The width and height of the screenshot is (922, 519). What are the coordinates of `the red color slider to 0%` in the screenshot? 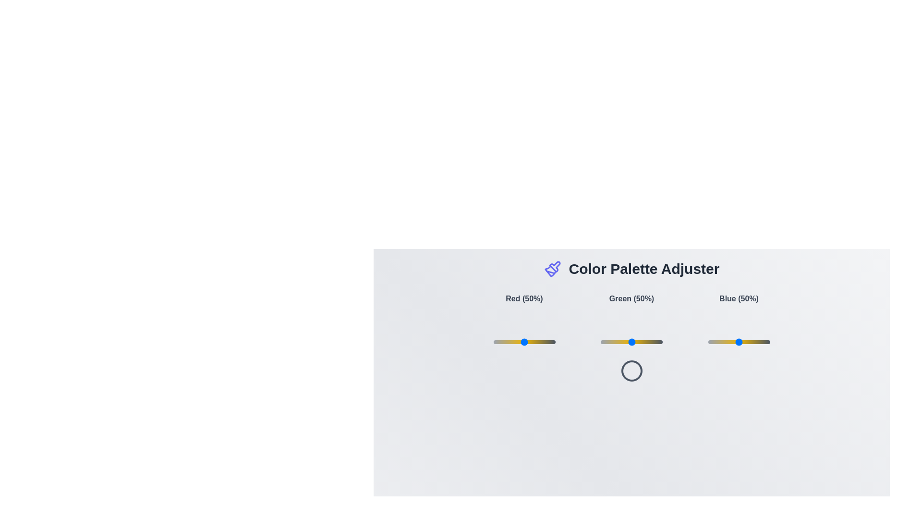 It's located at (493, 342).